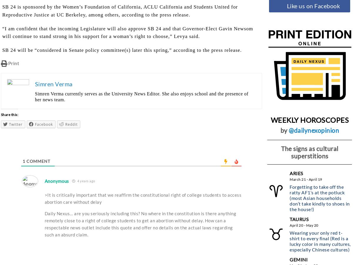  What do you see at coordinates (296, 173) in the screenshot?
I see `'Aries'` at bounding box center [296, 173].